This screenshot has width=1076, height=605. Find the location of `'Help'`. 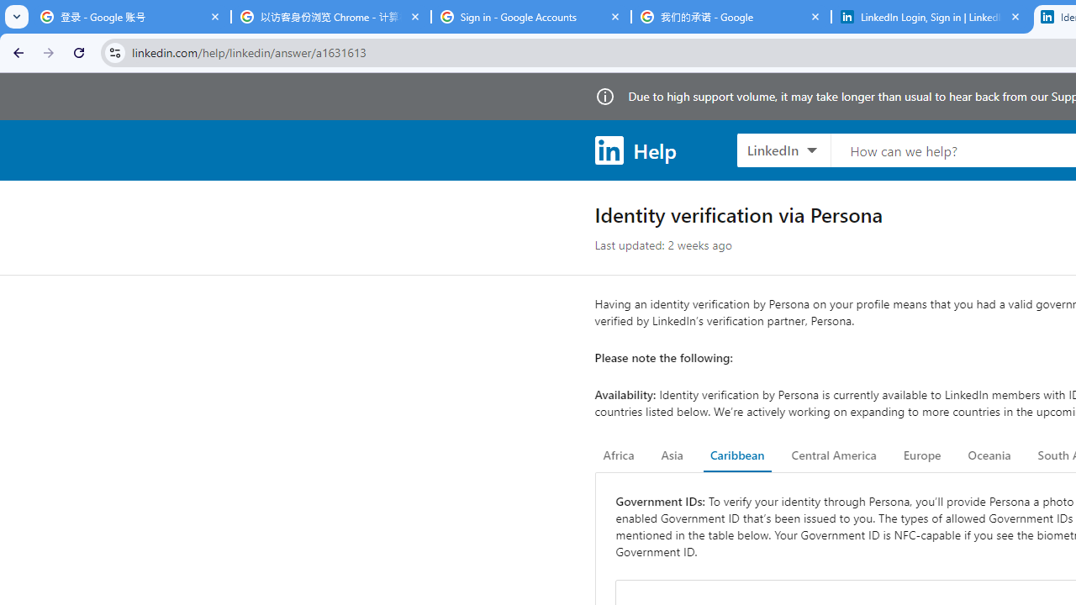

'Help' is located at coordinates (634, 149).